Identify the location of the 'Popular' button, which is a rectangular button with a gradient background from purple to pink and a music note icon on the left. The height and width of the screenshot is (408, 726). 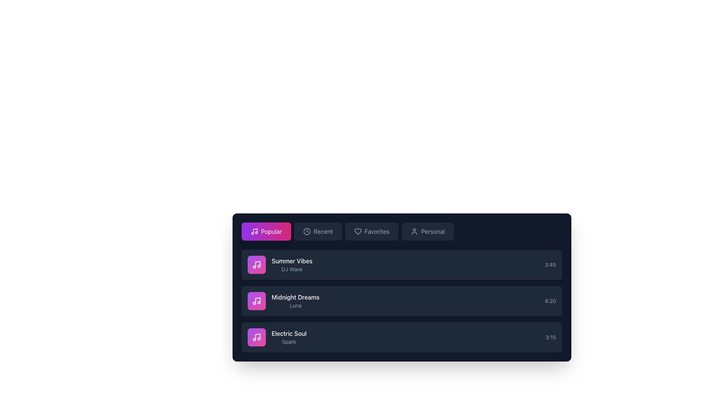
(266, 231).